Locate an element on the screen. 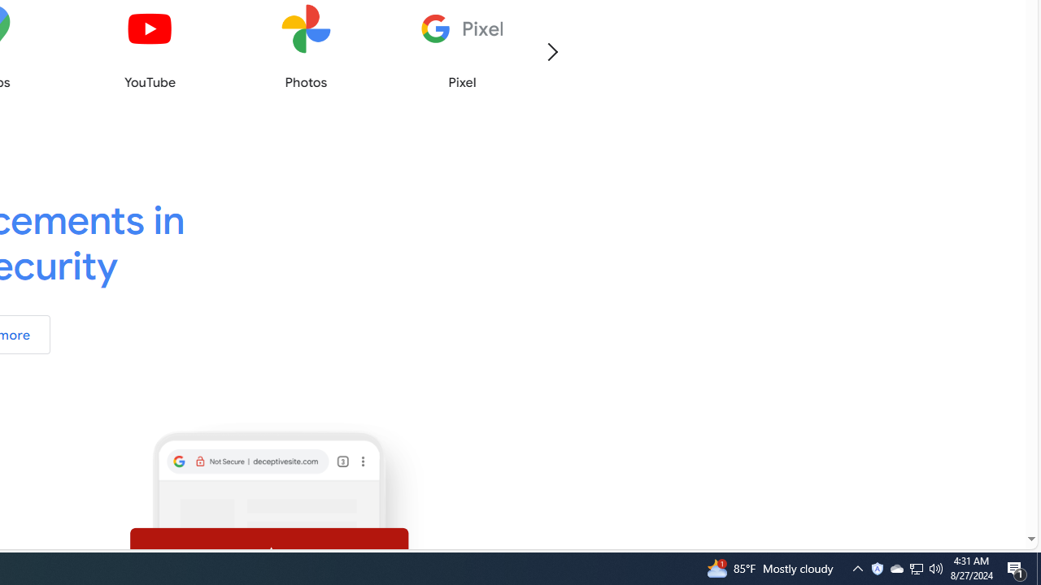 The height and width of the screenshot is (585, 1041). 'Pixel' is located at coordinates (461, 47).